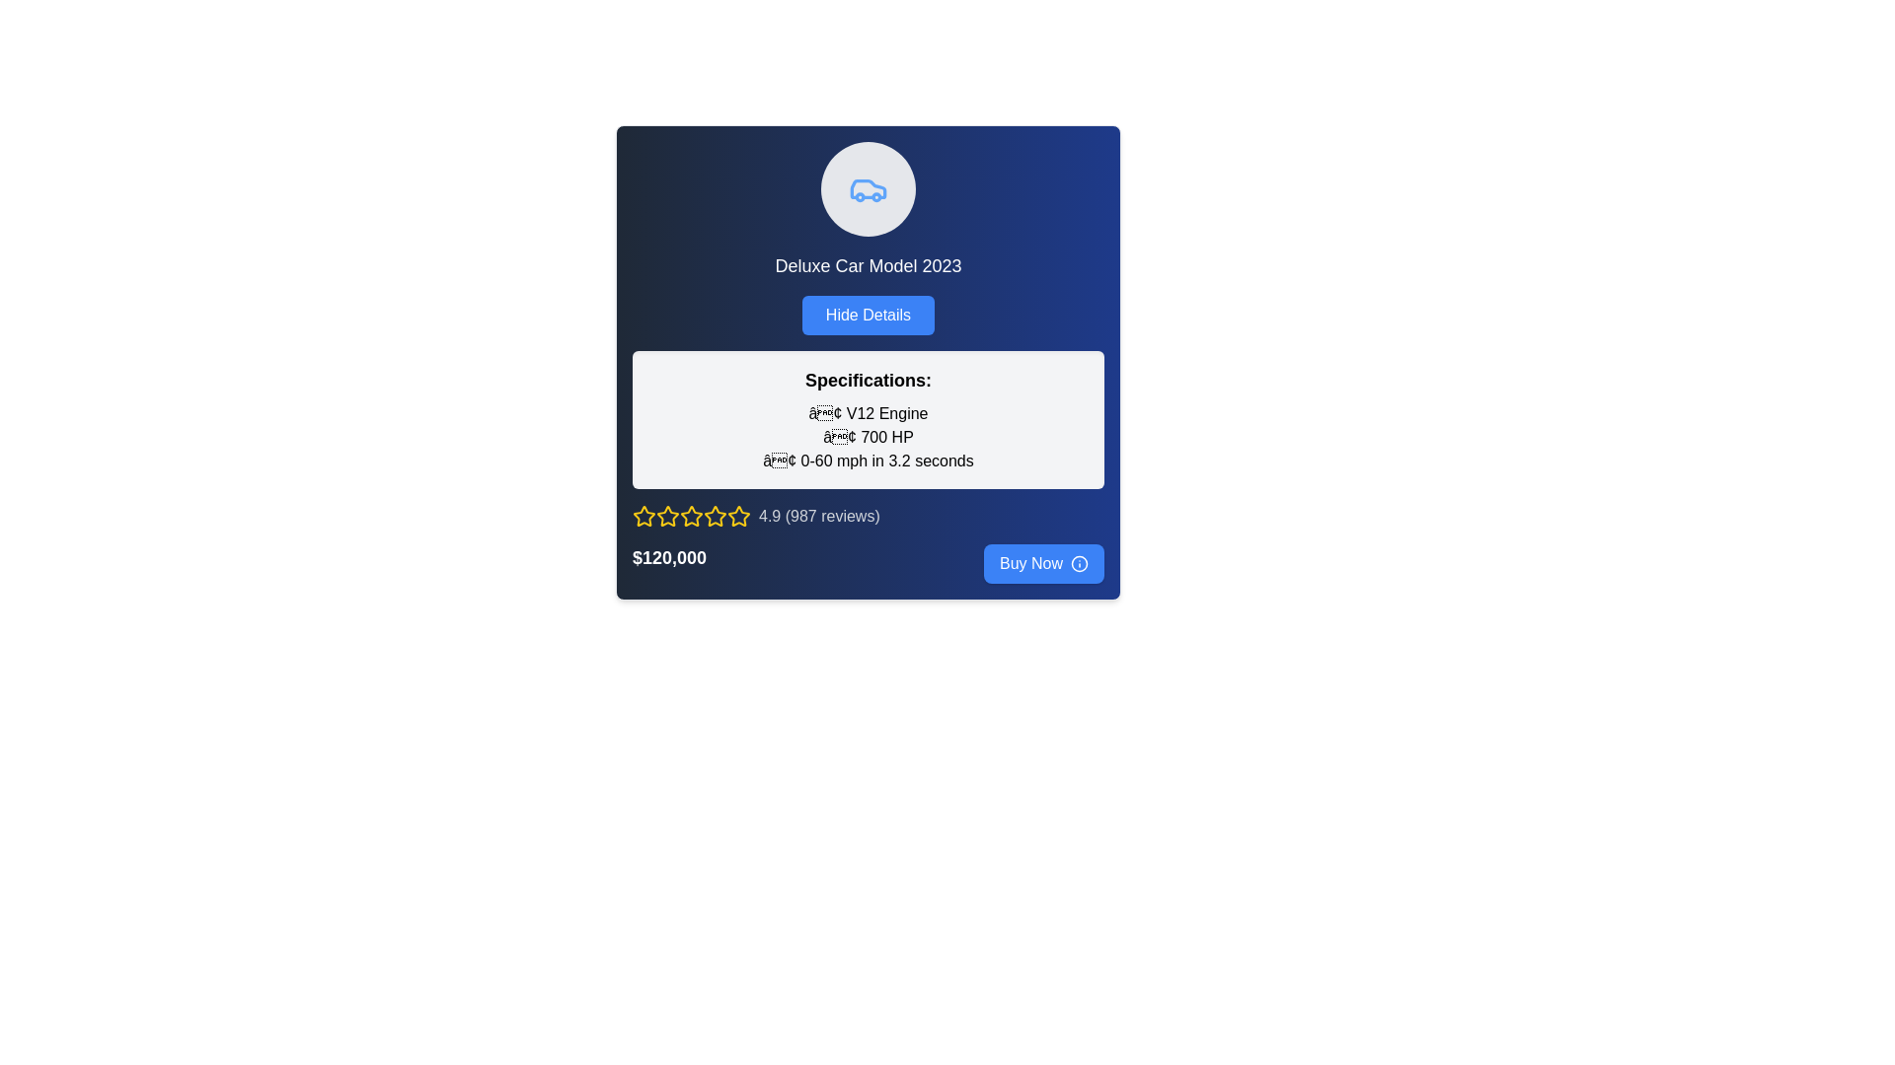  What do you see at coordinates (667, 516) in the screenshot?
I see `the yellow star icon with an outlined appearance, which is the third star from the left in a row of five stars, located slightly below the center of the card component` at bounding box center [667, 516].